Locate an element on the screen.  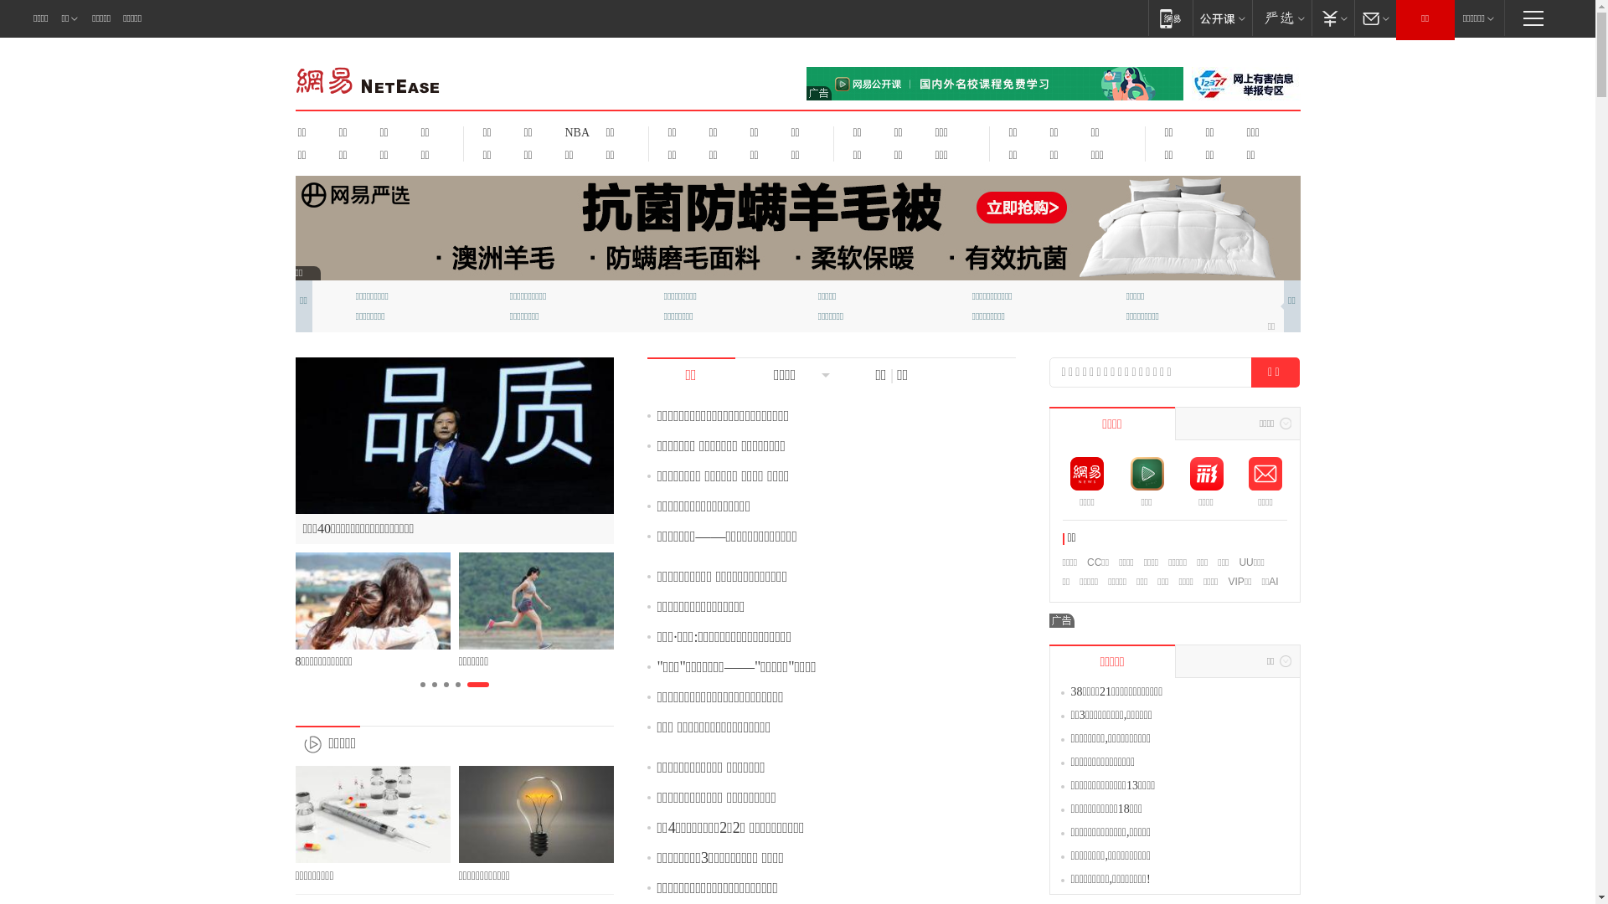
'NBA' is located at coordinates (575, 131).